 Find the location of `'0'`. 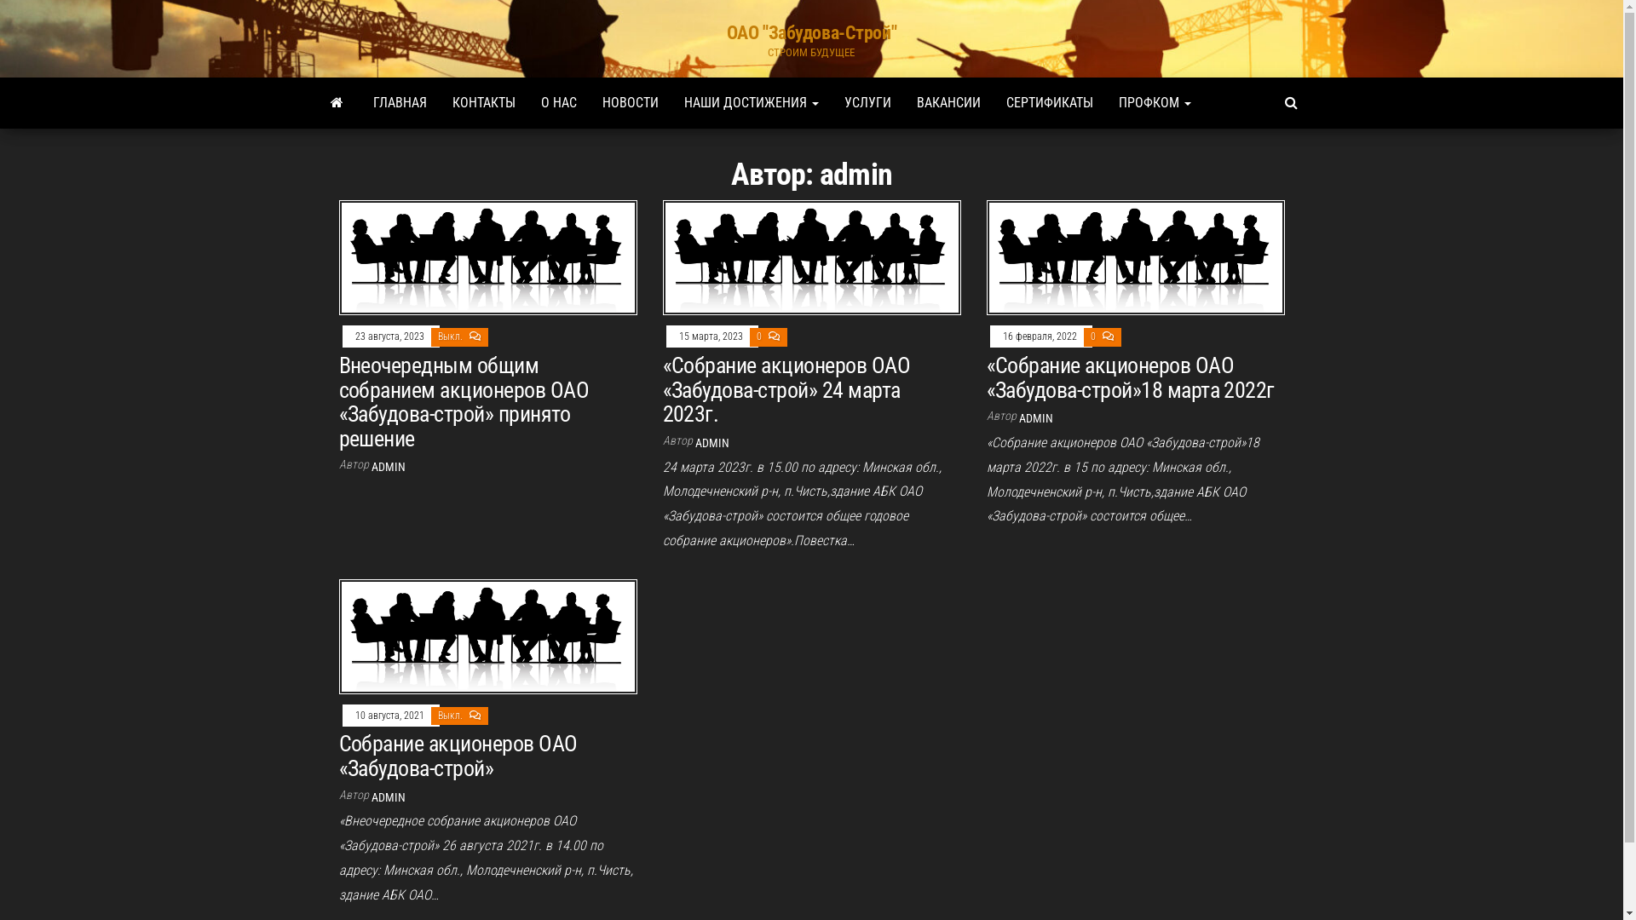

'0' is located at coordinates (1094, 336).